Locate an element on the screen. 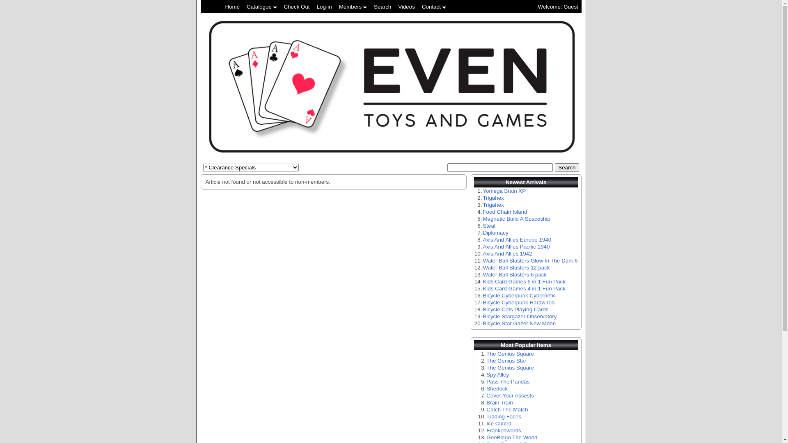  'Search' is located at coordinates (566, 167).